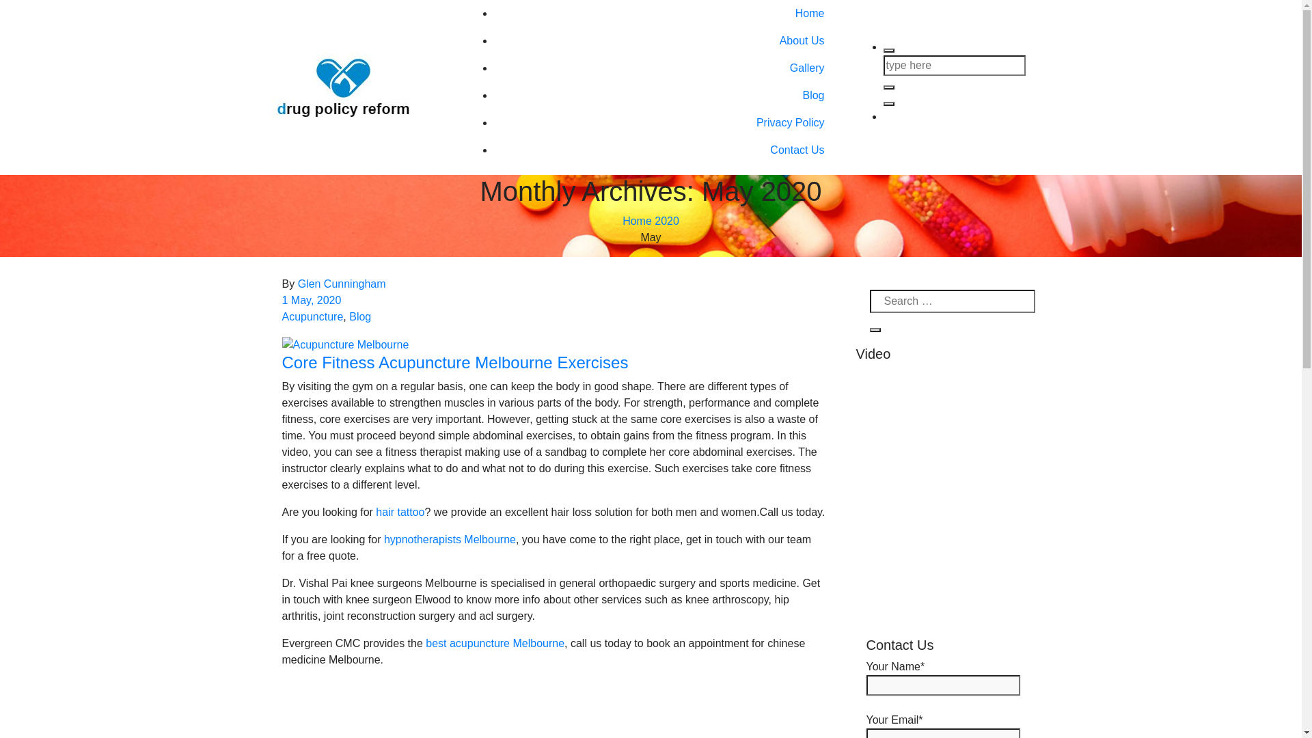  I want to click on 'About Us', so click(664, 40).